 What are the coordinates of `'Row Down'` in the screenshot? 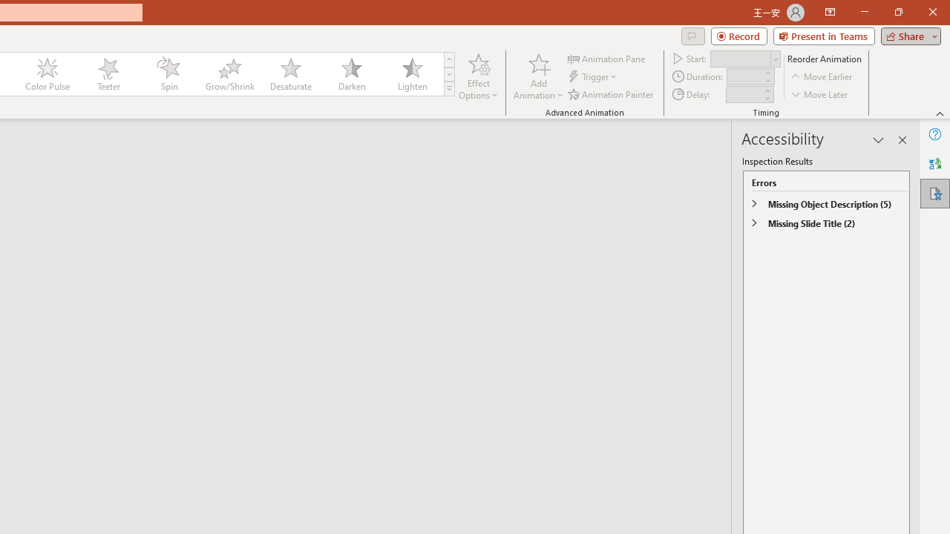 It's located at (448, 74).